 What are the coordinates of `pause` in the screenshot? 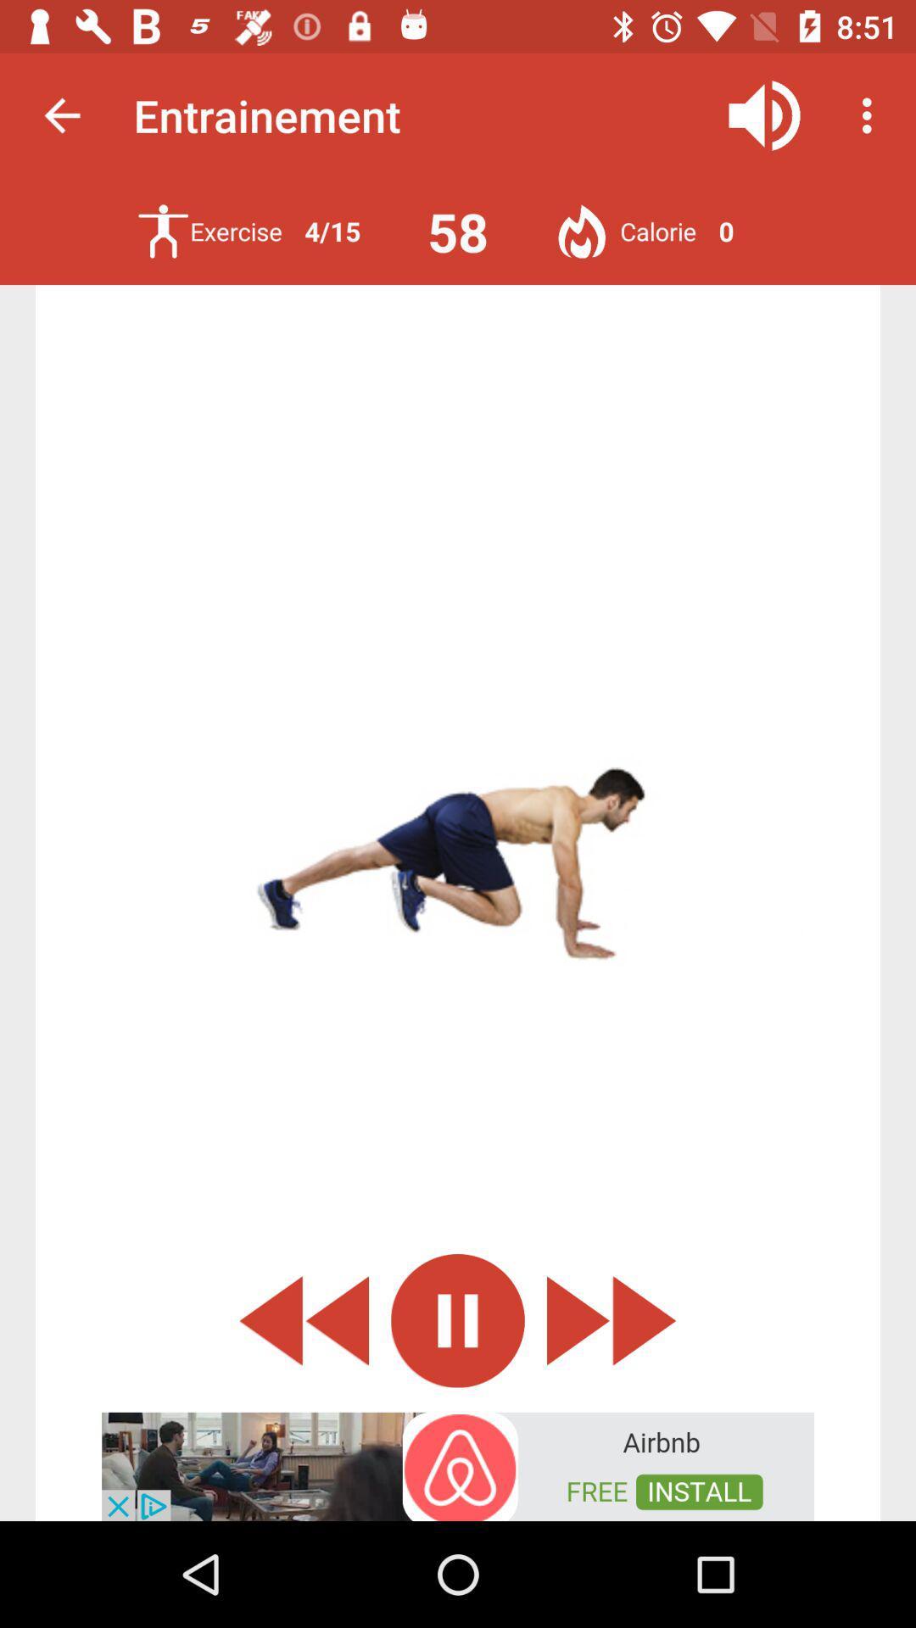 It's located at (458, 1319).